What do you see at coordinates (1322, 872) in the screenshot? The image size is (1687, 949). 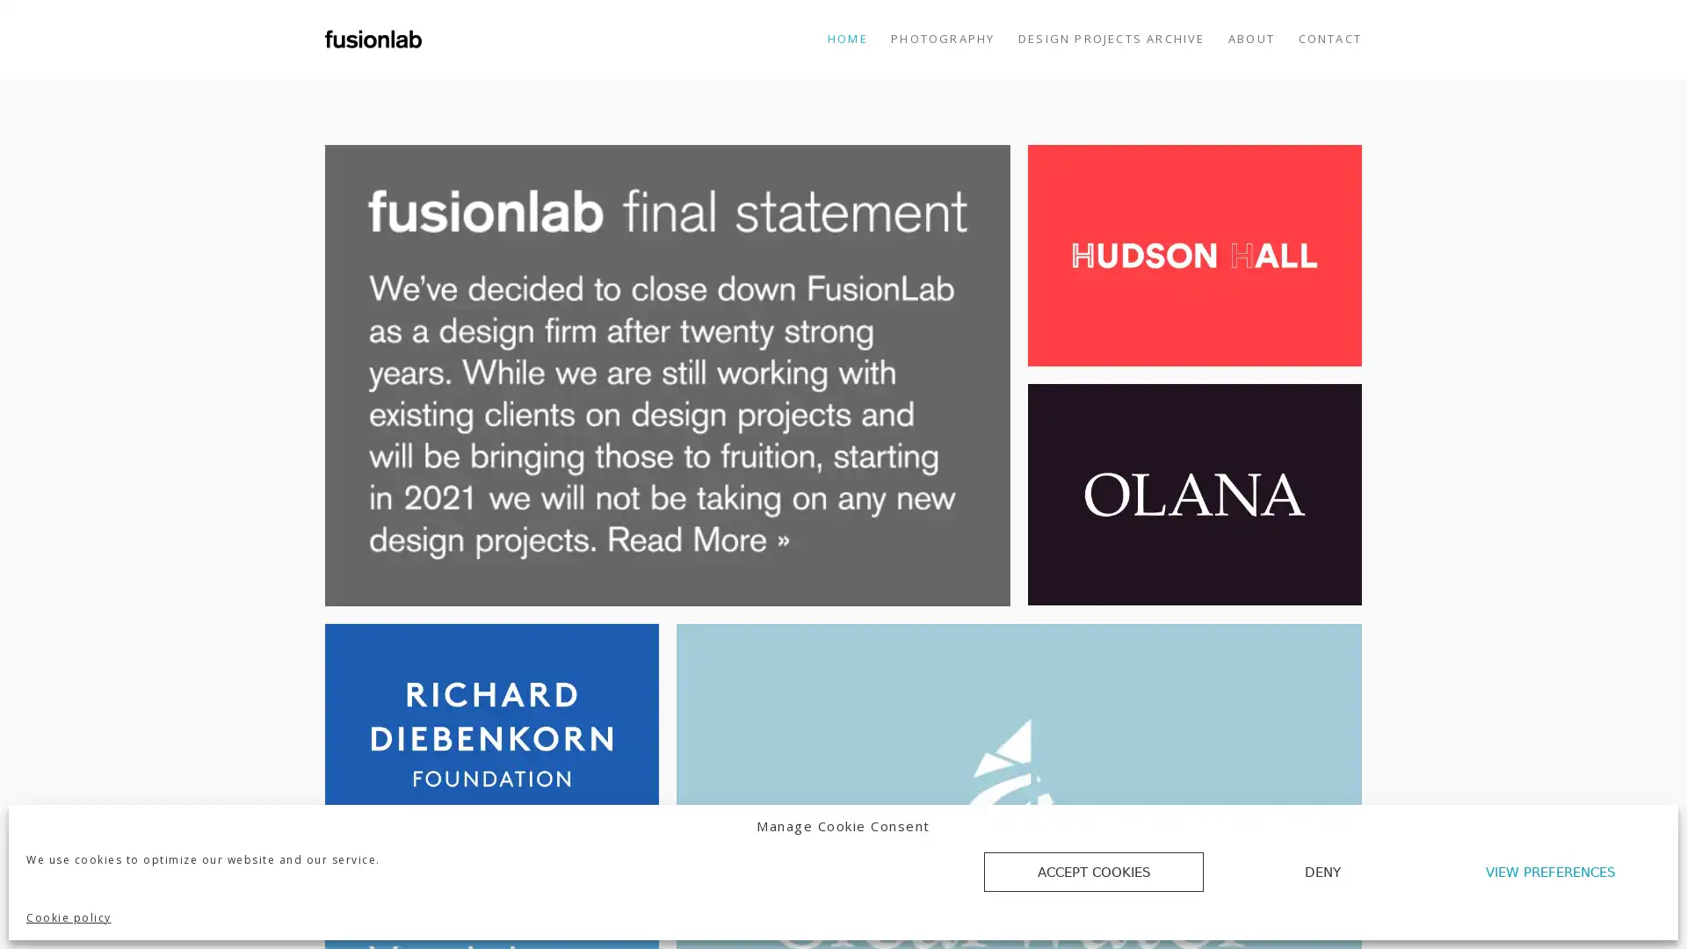 I see `DENY` at bounding box center [1322, 872].